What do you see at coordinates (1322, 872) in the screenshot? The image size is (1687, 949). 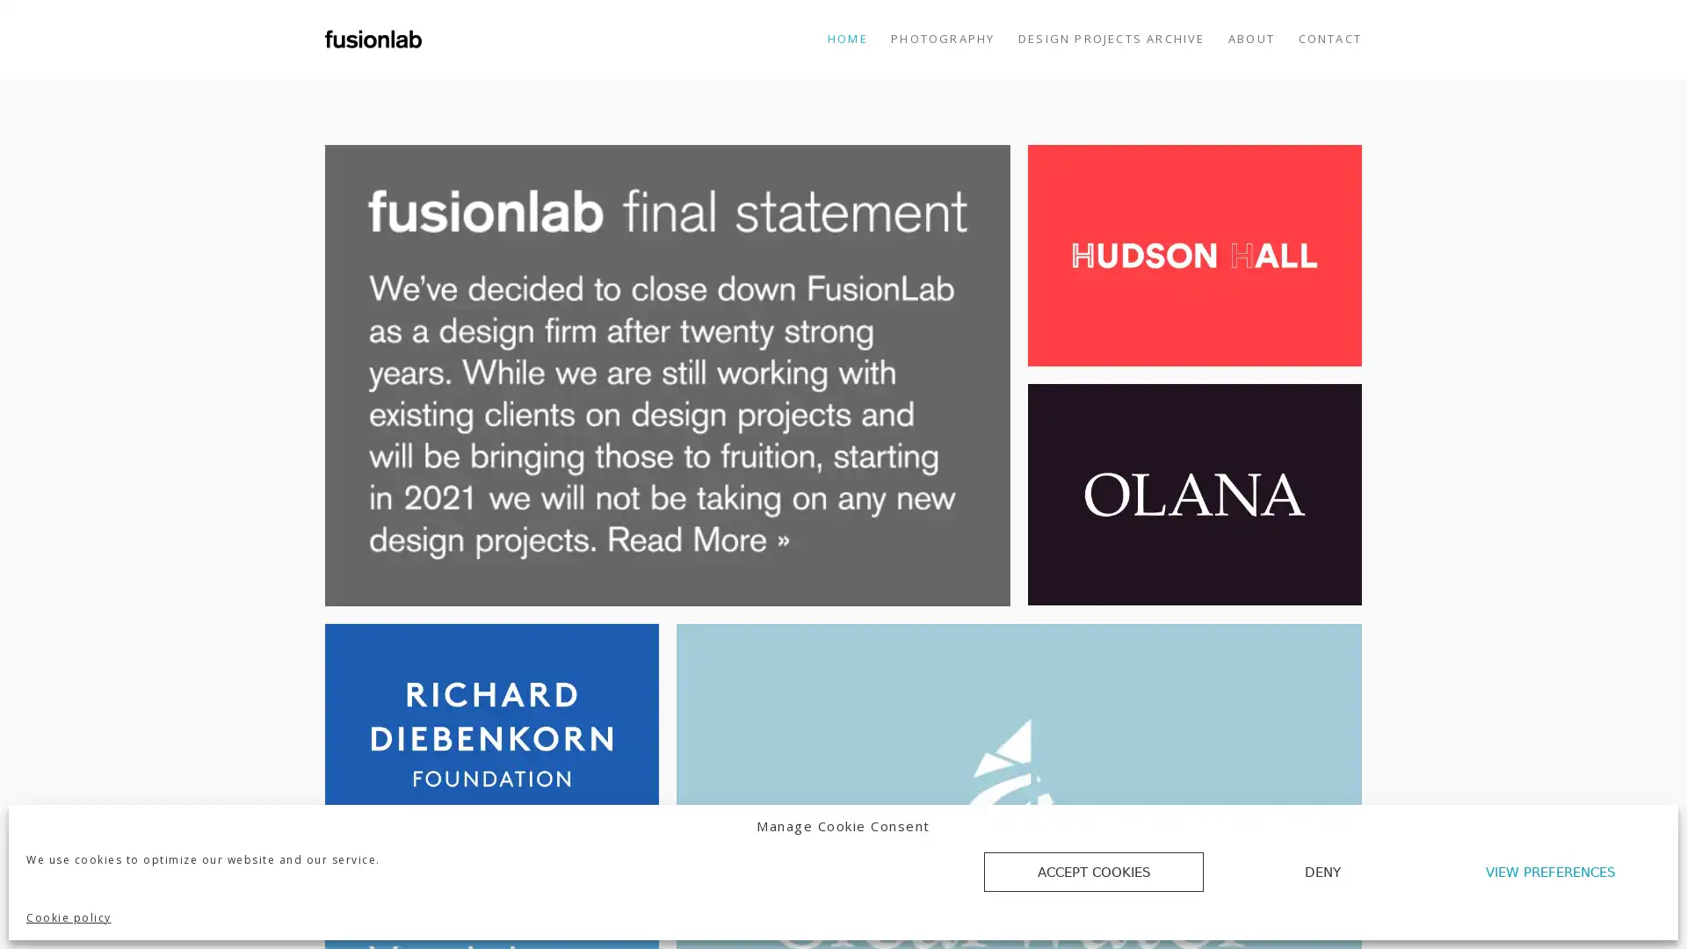 I see `DENY` at bounding box center [1322, 872].